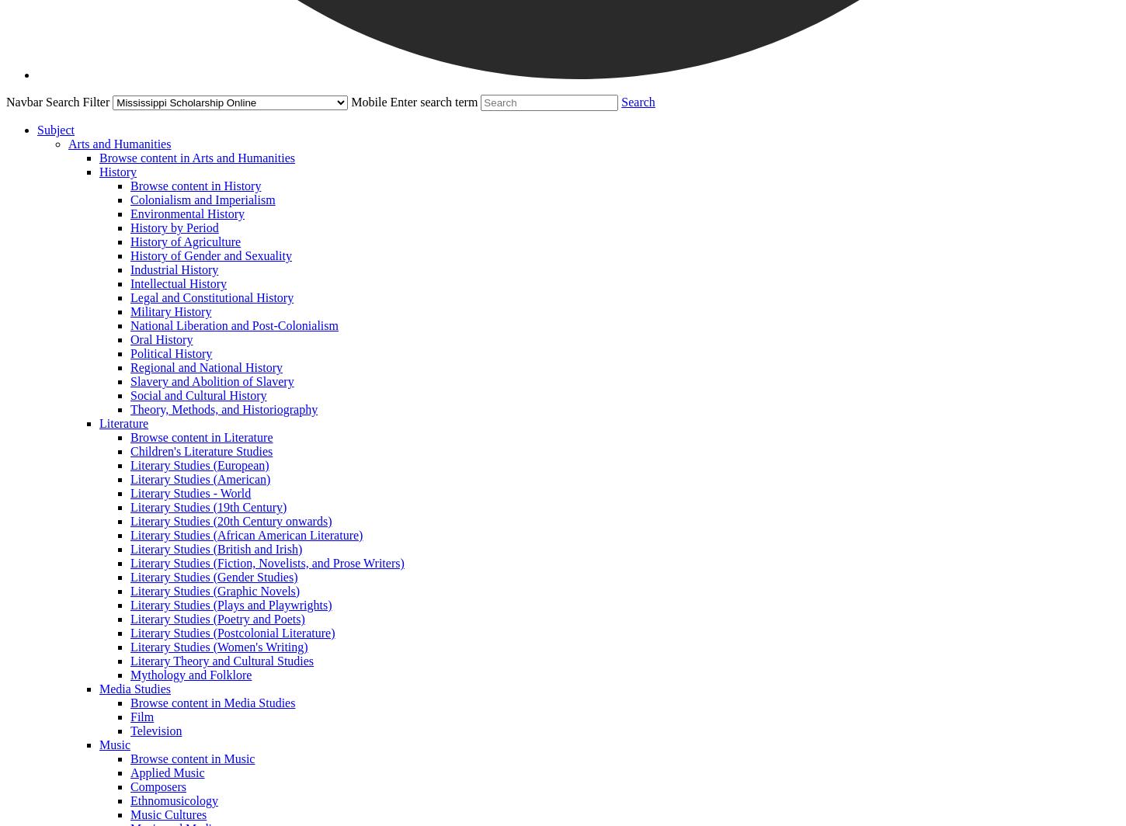 The width and height of the screenshot is (1126, 826). I want to click on 'Literary Studies (Gender Studies)', so click(130, 577).